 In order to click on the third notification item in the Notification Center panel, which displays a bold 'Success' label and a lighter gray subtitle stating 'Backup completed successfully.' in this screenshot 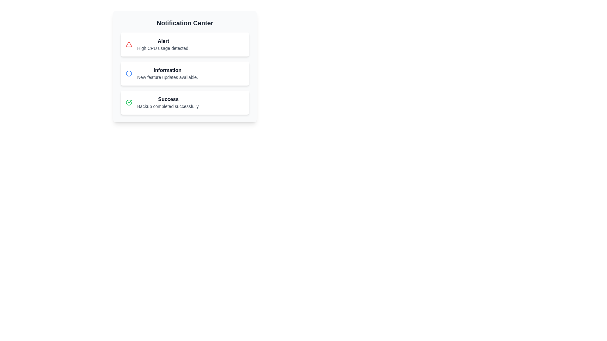, I will do `click(168, 102)`.